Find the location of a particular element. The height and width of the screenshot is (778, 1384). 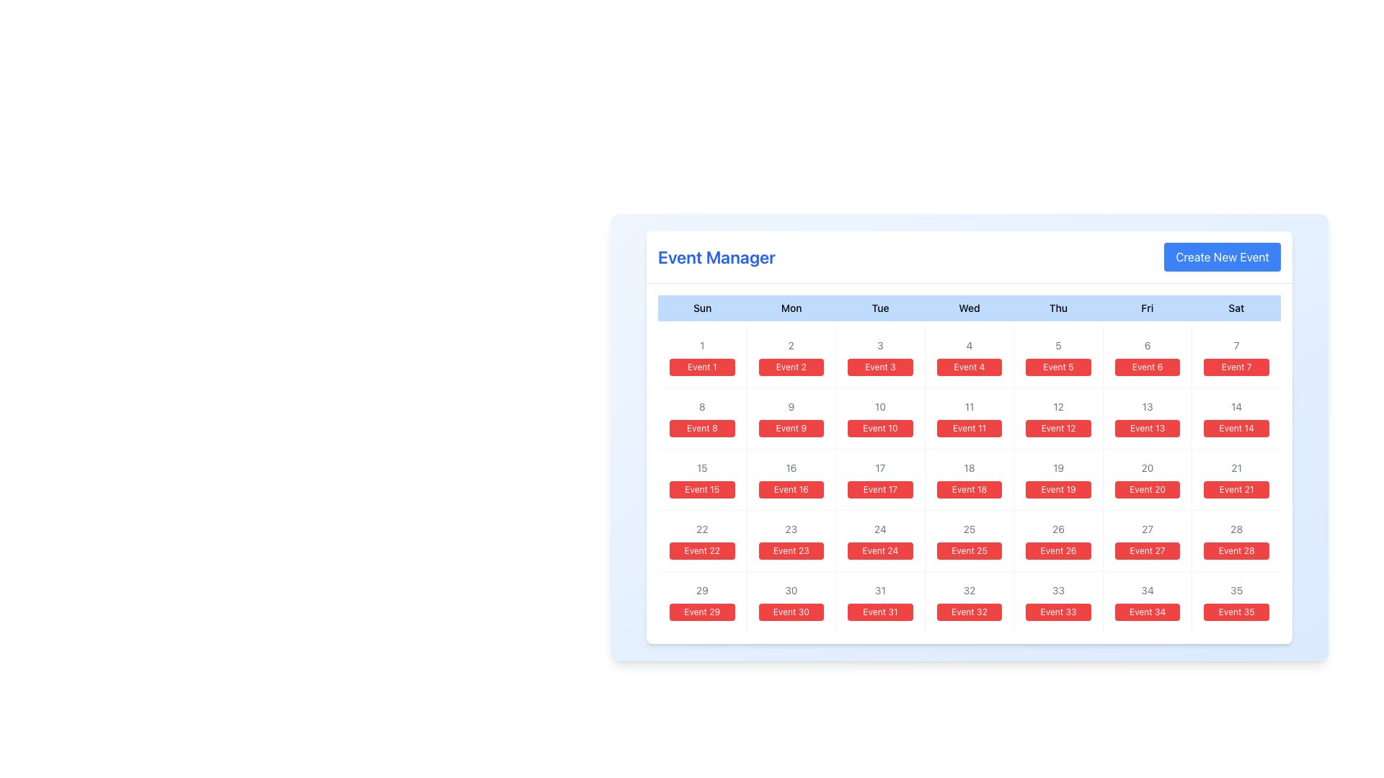

the 'Event 1' button located in the first column and first row of the weekly grid under the 'Sun' header is located at coordinates (702, 357).